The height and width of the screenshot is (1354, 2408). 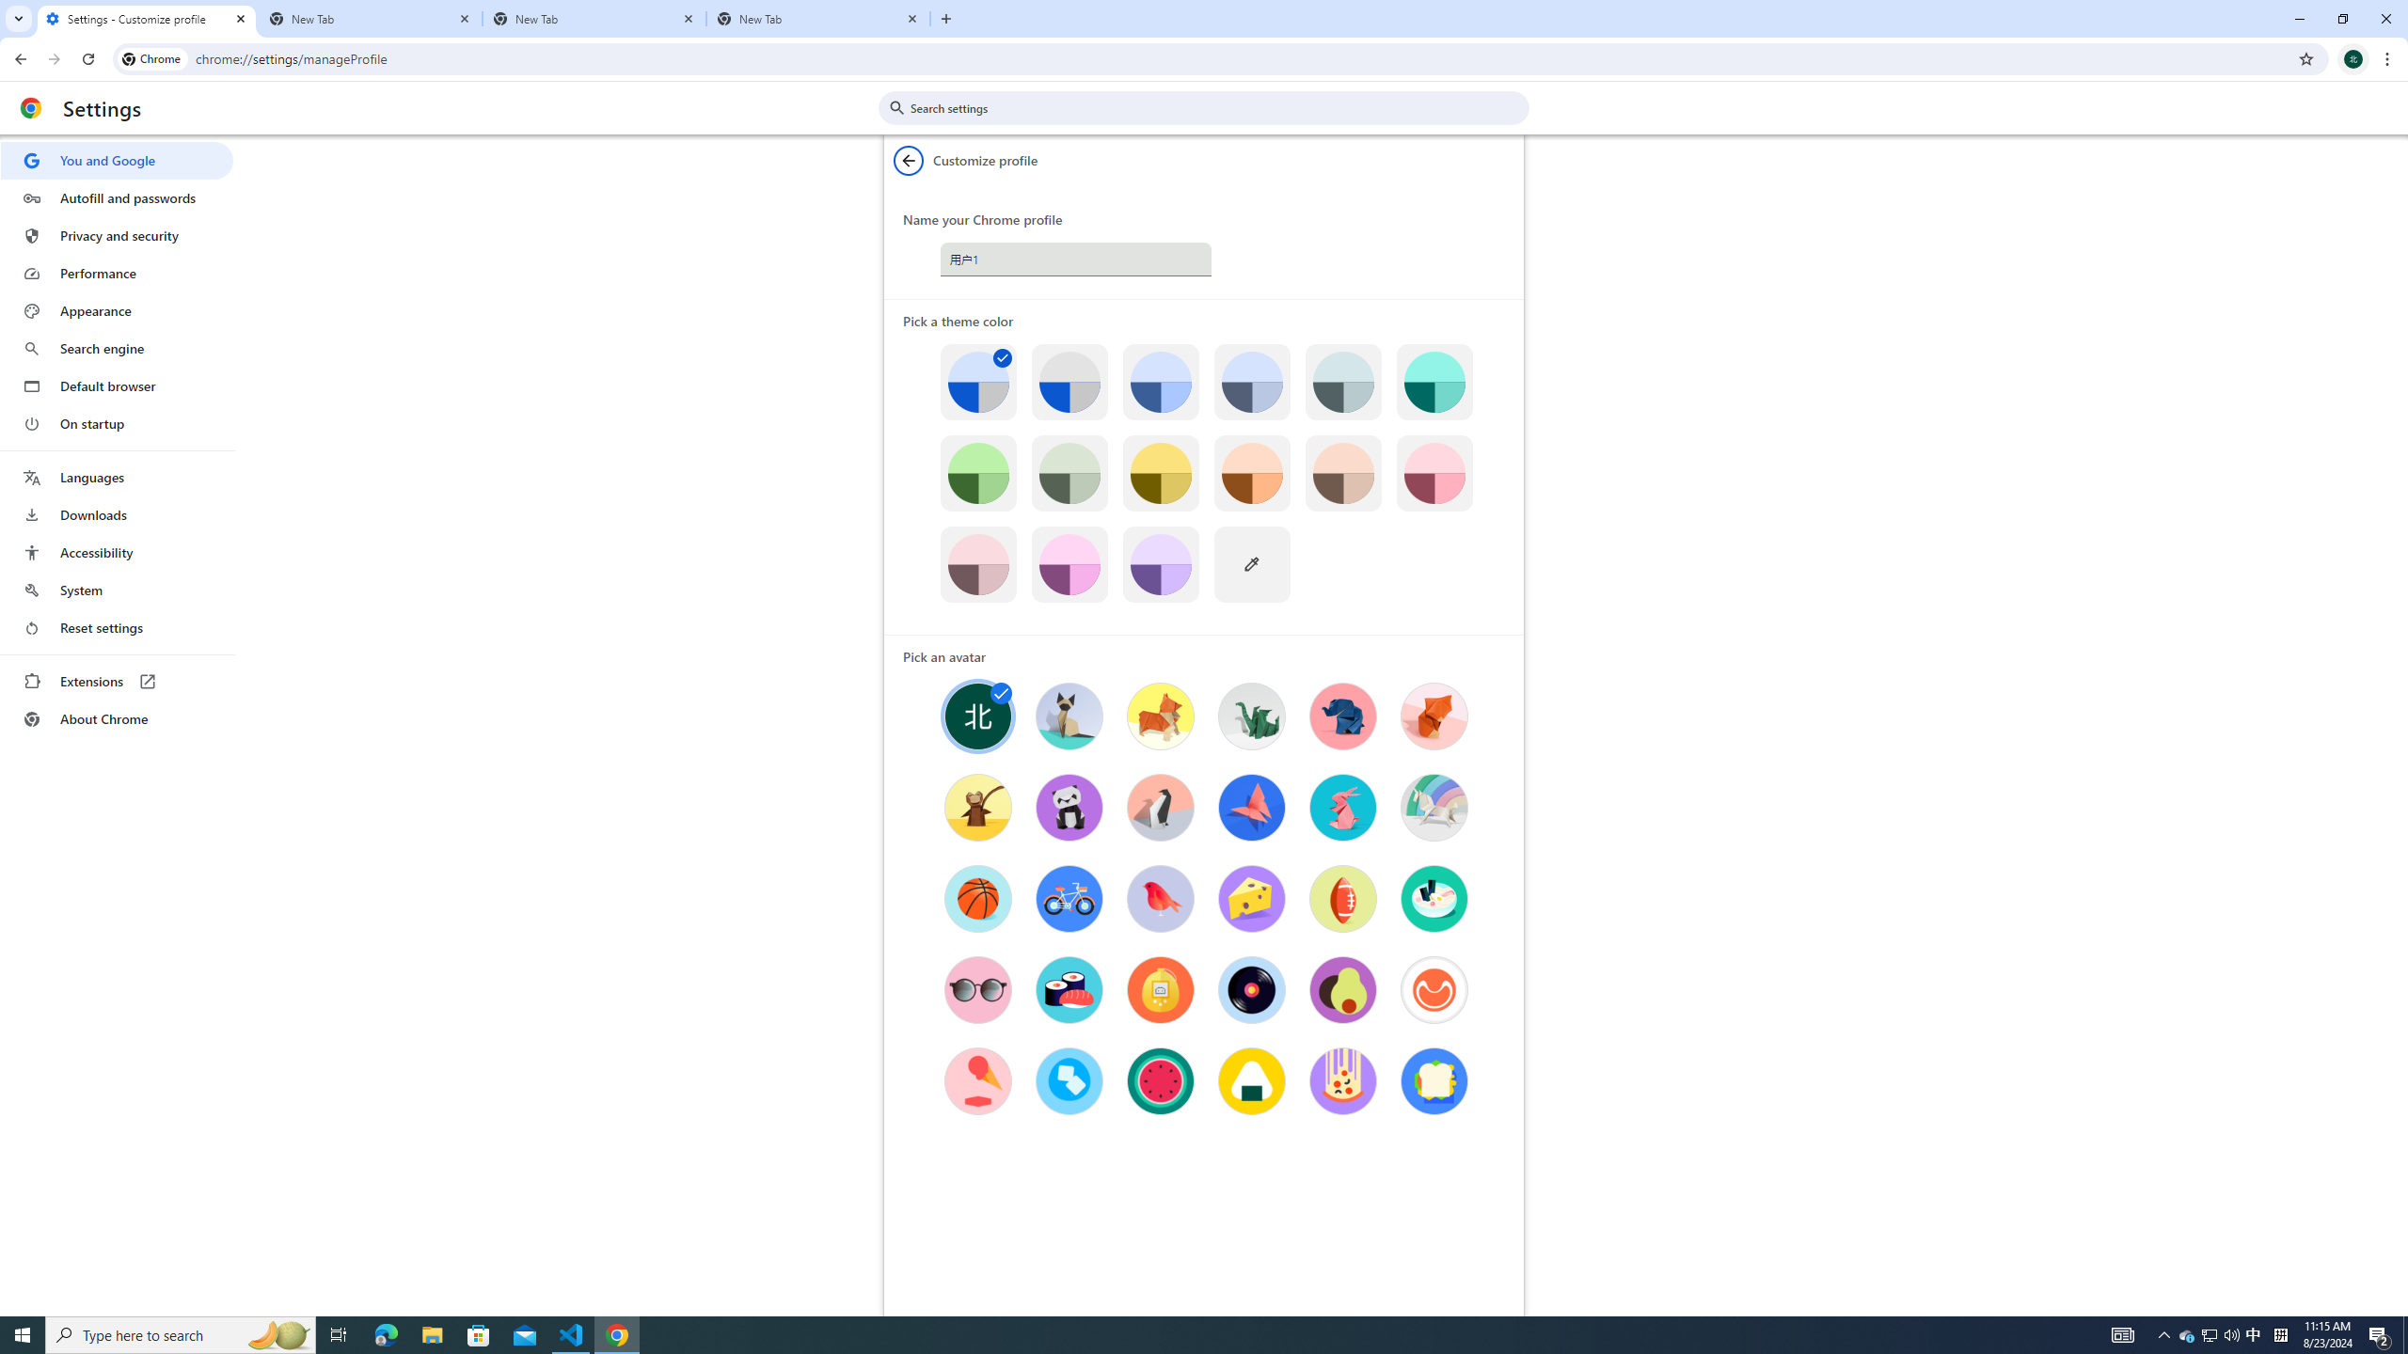 What do you see at coordinates (116, 478) in the screenshot?
I see `'Languages'` at bounding box center [116, 478].